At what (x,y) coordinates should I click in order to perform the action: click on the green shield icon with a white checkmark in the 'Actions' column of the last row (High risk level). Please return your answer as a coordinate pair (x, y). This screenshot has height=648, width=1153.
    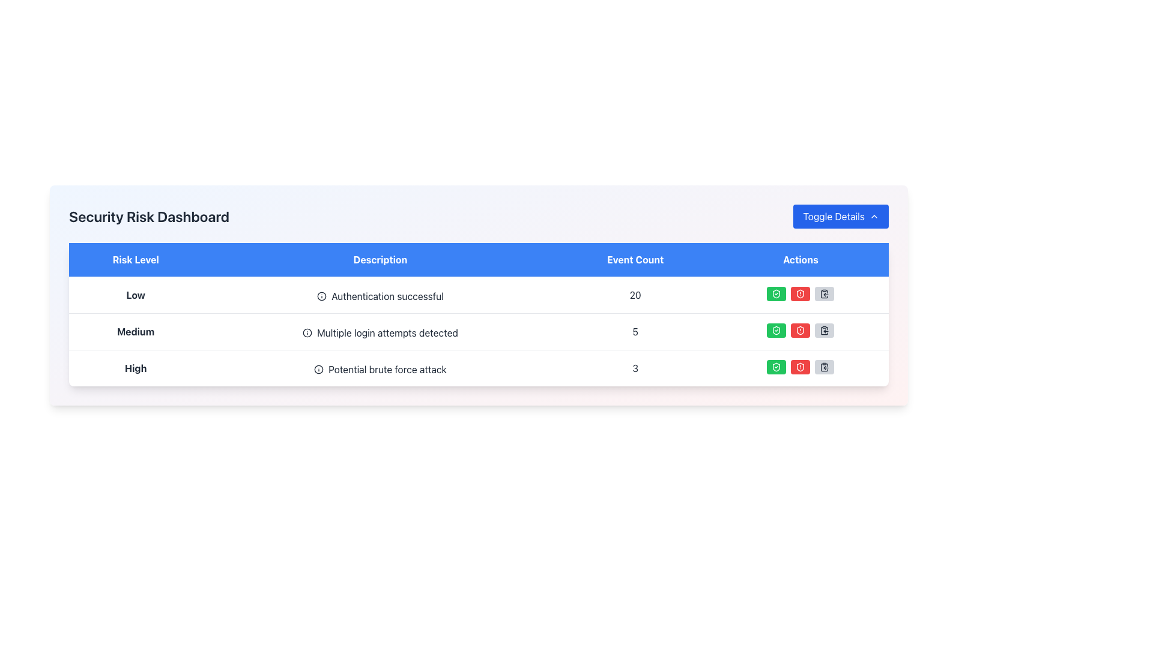
    Looking at the image, I should click on (776, 331).